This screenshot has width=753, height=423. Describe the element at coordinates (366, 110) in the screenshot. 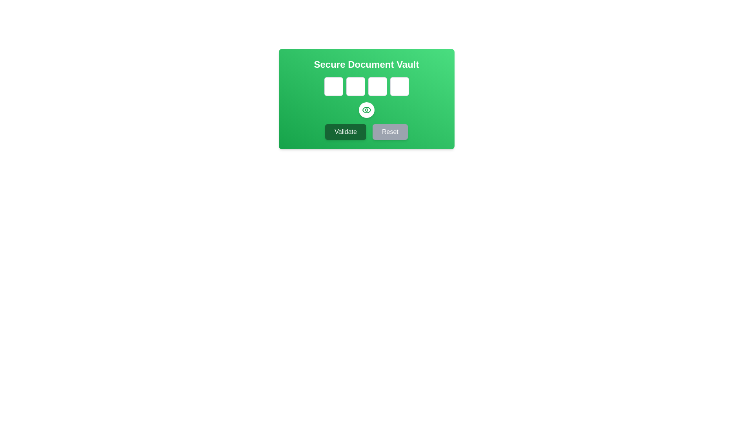

I see `the eye icon button, which toggles the visibility of the password, located between the 'Validate' and 'Reset' buttons` at that location.